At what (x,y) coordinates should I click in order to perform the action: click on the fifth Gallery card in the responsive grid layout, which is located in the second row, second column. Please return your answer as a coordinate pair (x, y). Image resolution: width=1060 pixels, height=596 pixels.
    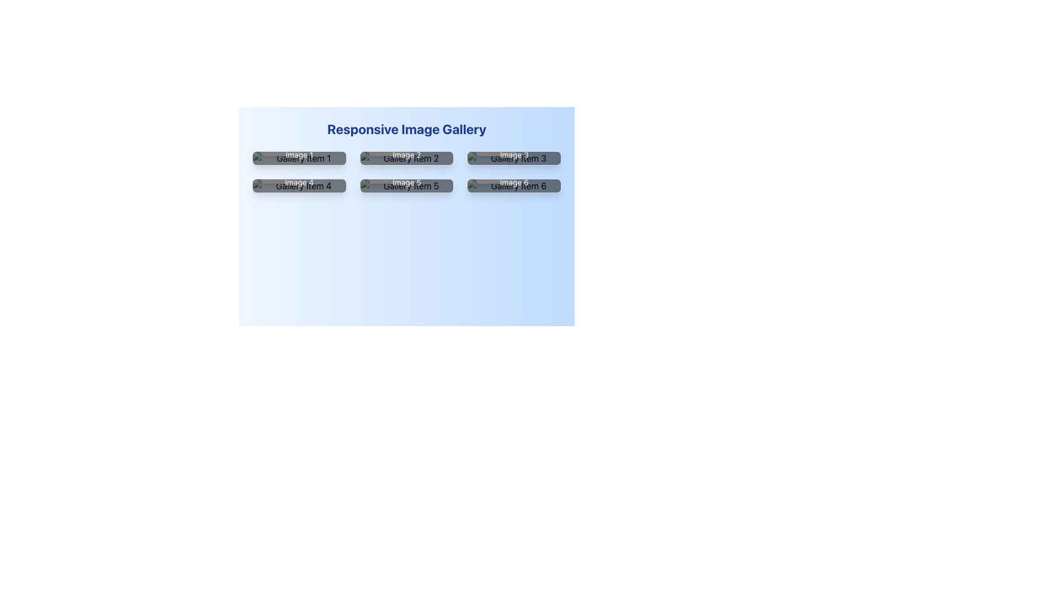
    Looking at the image, I should click on (406, 185).